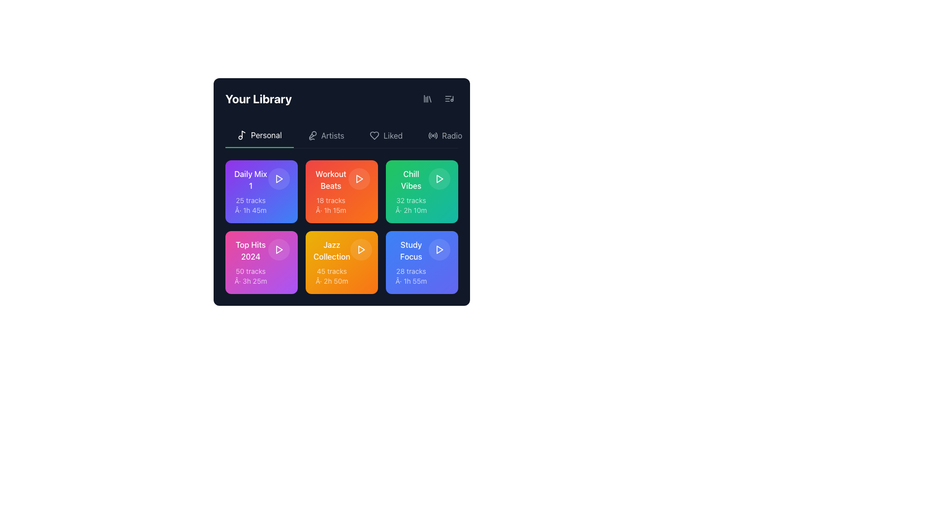 This screenshot has height=531, width=945. What do you see at coordinates (361, 249) in the screenshot?
I see `the media play icon located in the bottom row of six square tiles, specifically the second tile from the left, to initiate playback` at bounding box center [361, 249].